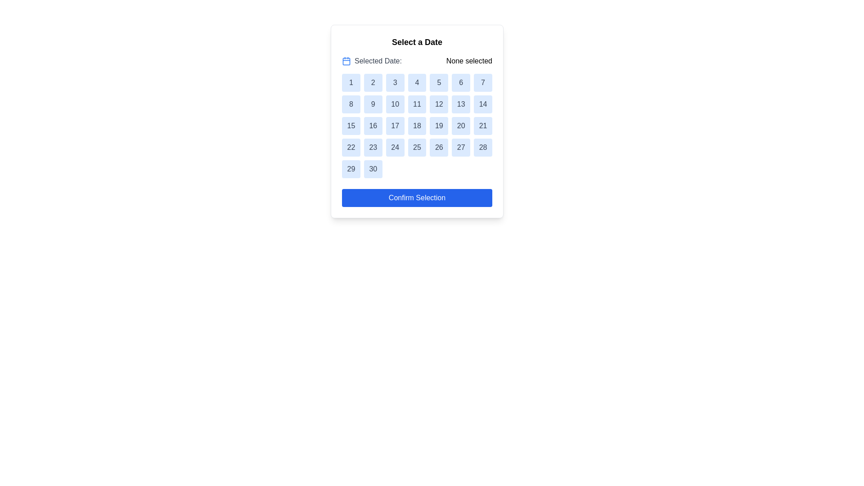  What do you see at coordinates (351, 83) in the screenshot?
I see `the leftmost button` at bounding box center [351, 83].